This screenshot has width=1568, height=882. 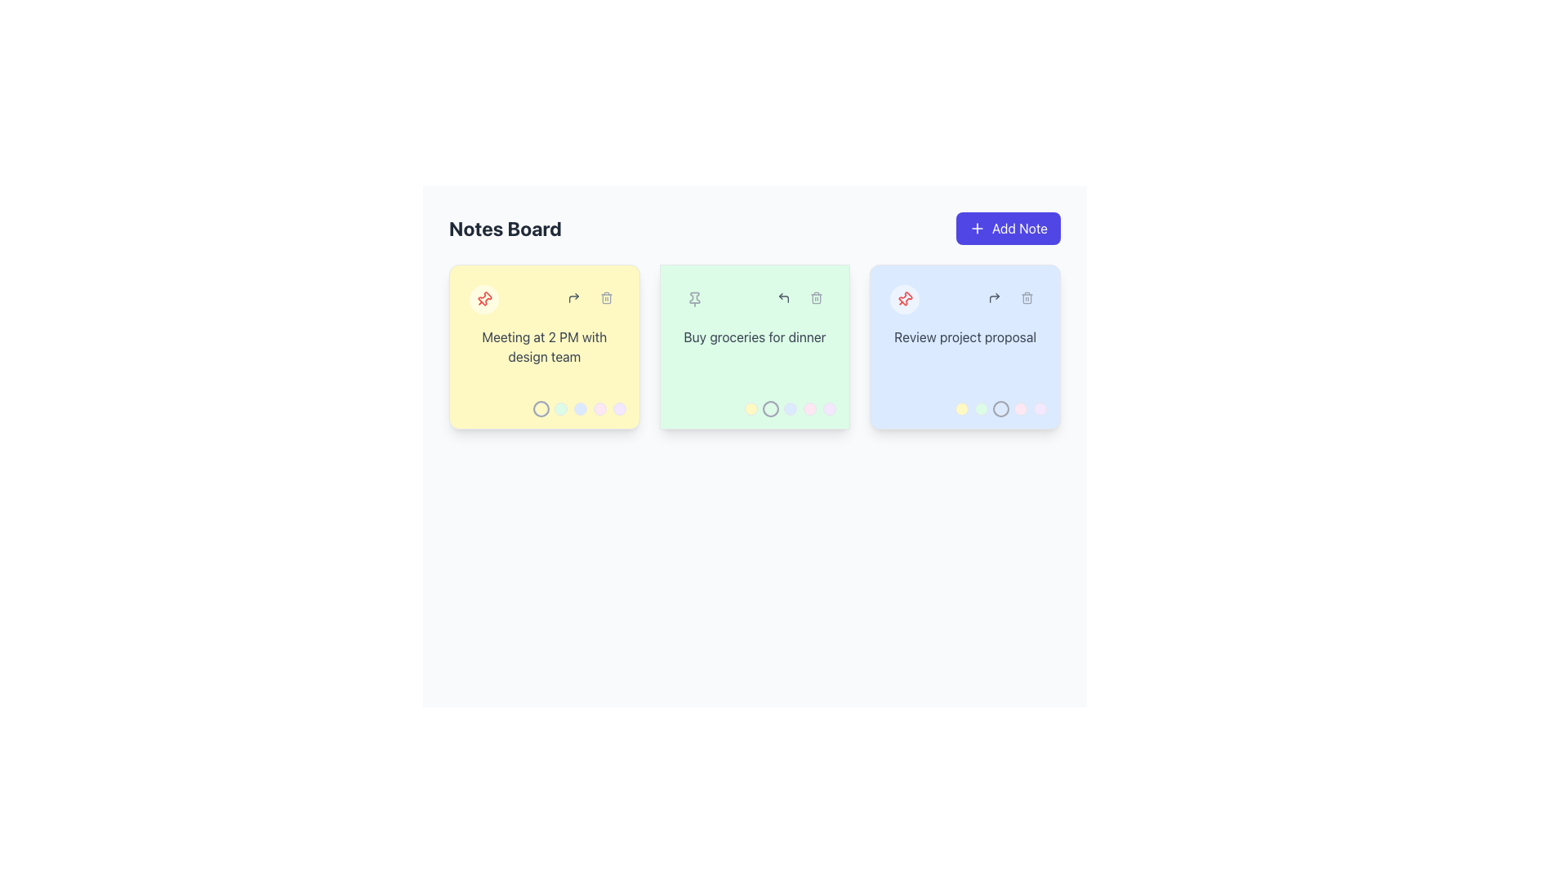 What do you see at coordinates (1033, 339) in the screenshot?
I see `the small circular button with a pen icon located at the bottom-right corner of the 'Review project proposal' note card` at bounding box center [1033, 339].